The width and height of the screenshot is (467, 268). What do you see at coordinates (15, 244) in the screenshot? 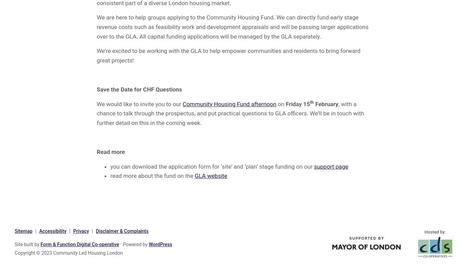
I see `'Site built by'` at bounding box center [15, 244].